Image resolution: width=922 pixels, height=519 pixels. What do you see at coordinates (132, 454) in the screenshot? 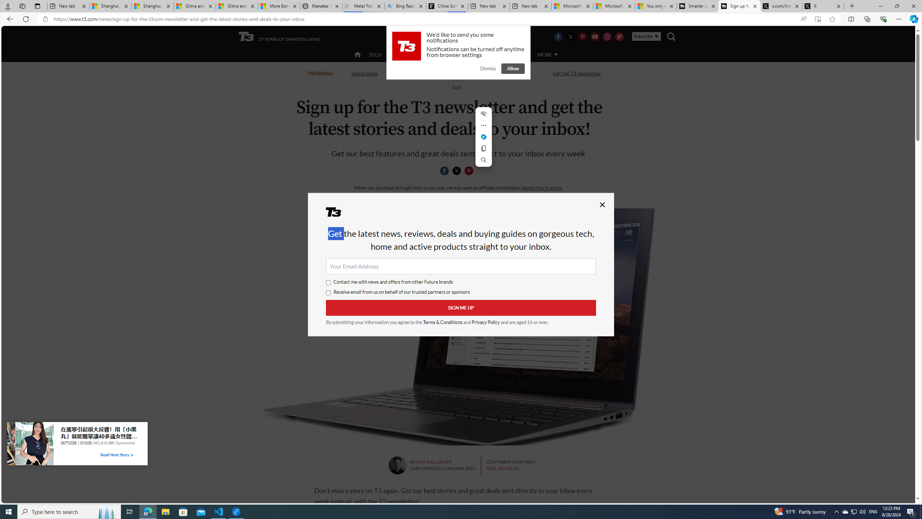
I see `'Class: tbl-arrow-icon arrow-2'` at bounding box center [132, 454].